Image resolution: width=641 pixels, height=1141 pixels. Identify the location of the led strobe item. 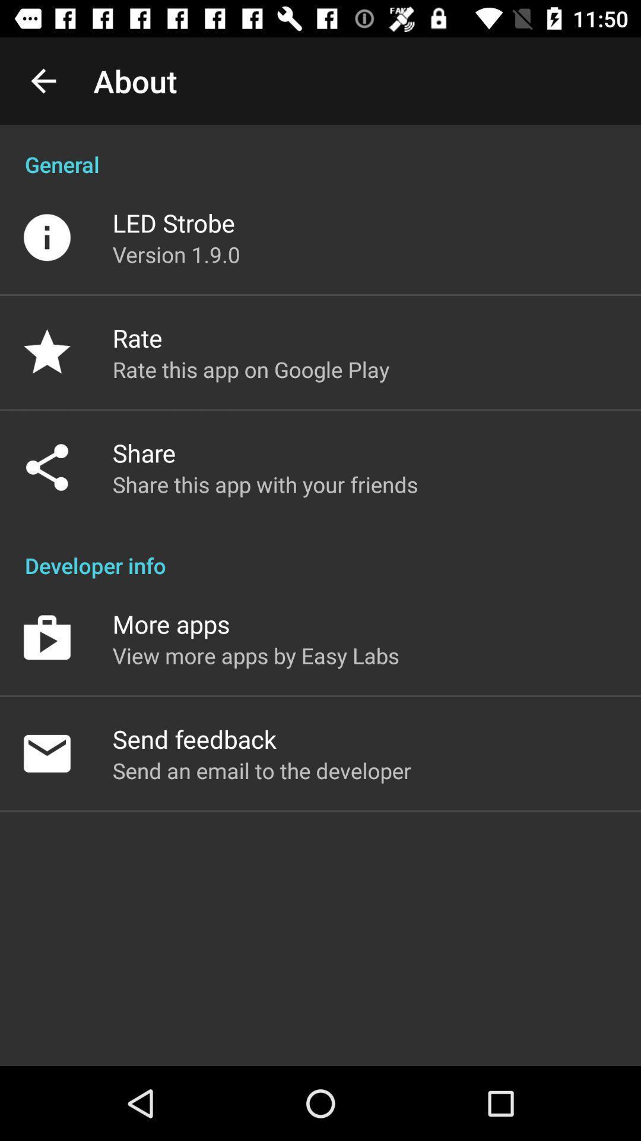
(173, 222).